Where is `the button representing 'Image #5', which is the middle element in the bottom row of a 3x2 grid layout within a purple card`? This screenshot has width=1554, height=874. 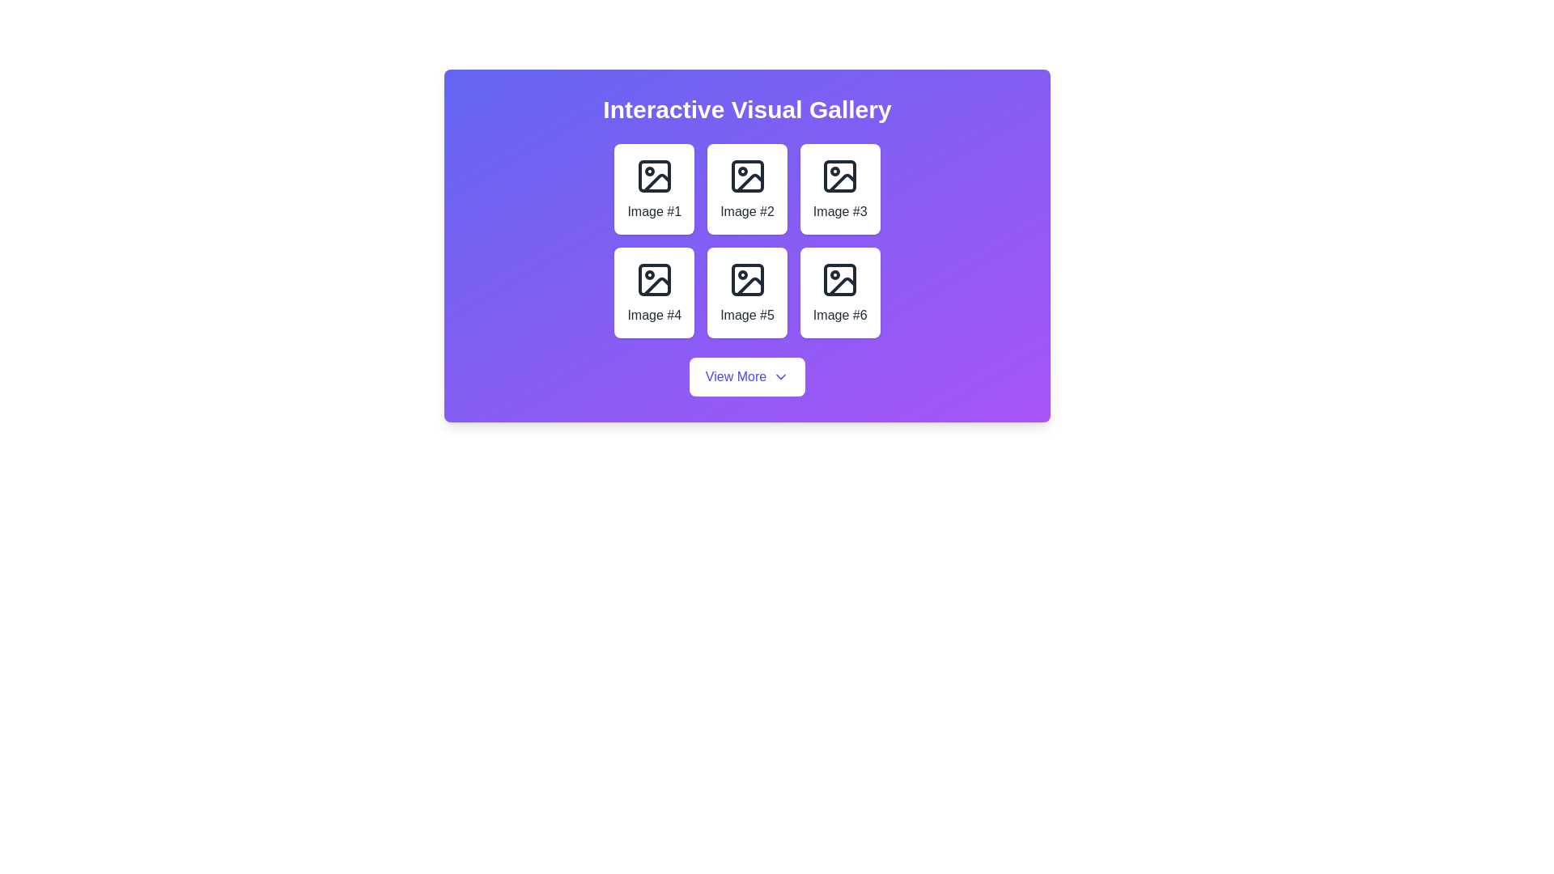 the button representing 'Image #5', which is the middle element in the bottom row of a 3x2 grid layout within a purple card is located at coordinates (746, 293).